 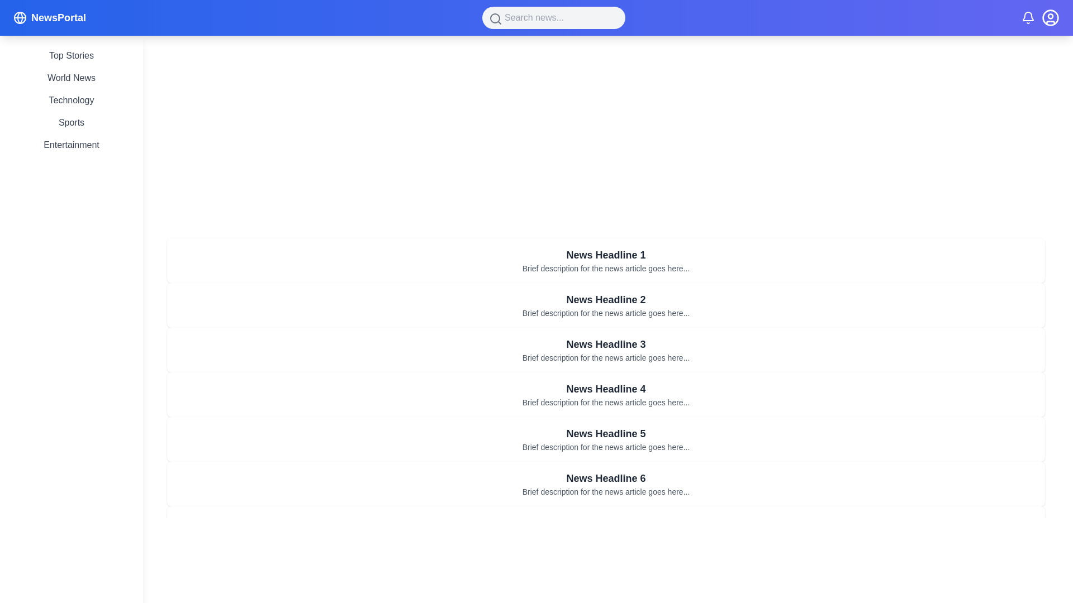 I want to click on the 'News Headline 4' text header, which is displayed in a larger, bold font at the top of a white, rounded rectangle card, so click(x=605, y=389).